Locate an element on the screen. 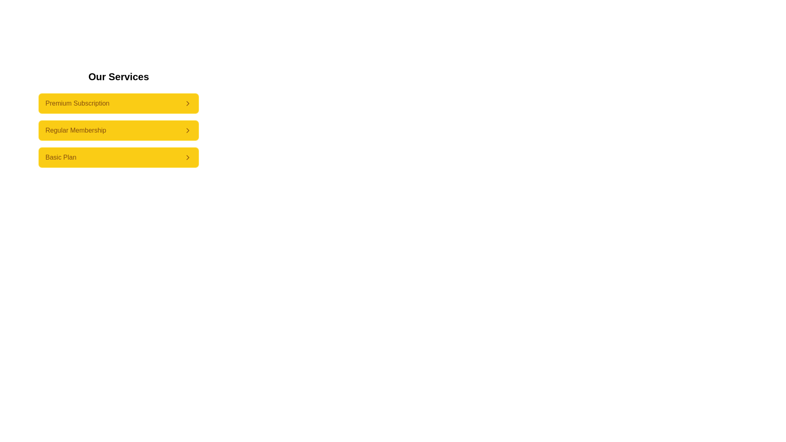  the right-pointing chevron icon located at the far right of the 'Premium Subscription' list item is located at coordinates (187, 103).